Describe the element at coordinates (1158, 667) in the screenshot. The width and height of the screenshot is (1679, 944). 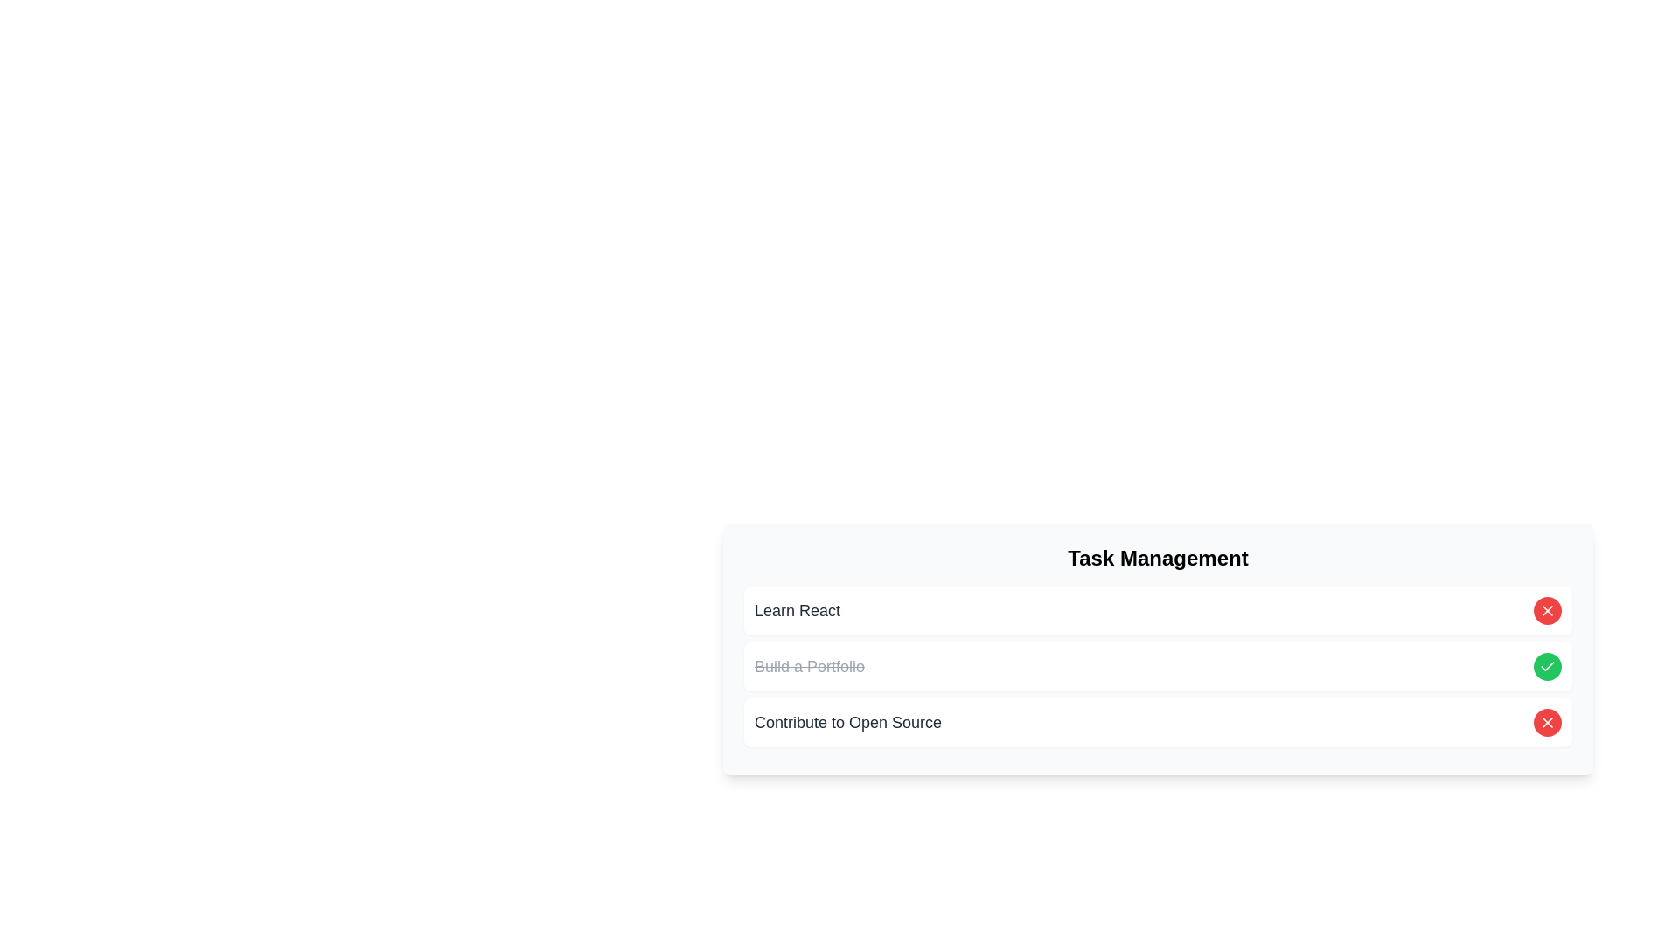
I see `the checkbox of the task item 'Build a Portfolio' in the 'Task Management' section` at that location.